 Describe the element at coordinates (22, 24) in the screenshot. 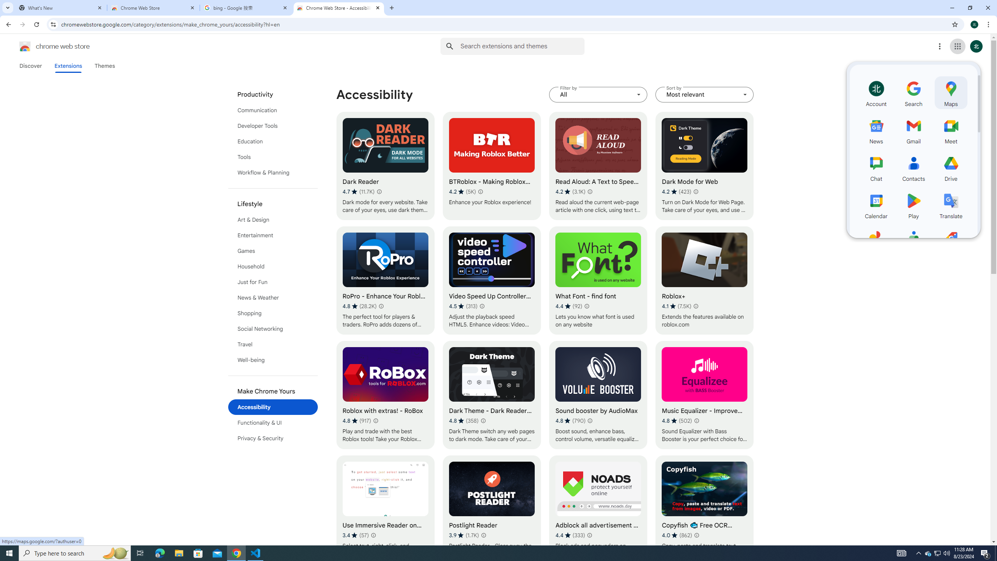

I see `'Forward'` at that location.